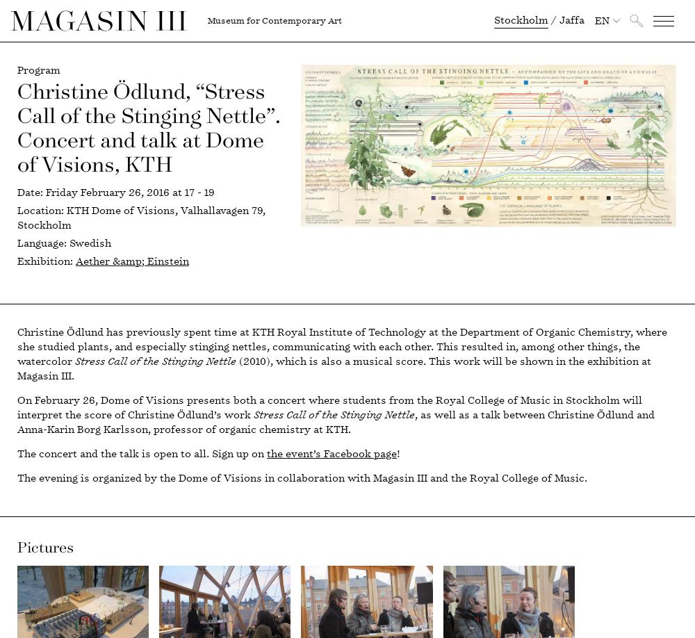  What do you see at coordinates (329, 407) in the screenshot?
I see `'On February 26, Dome of Visions presents both a concert where students from the Royal College of Music in Stockholm will interpret the score of Christine Ödlund’s work'` at bounding box center [329, 407].